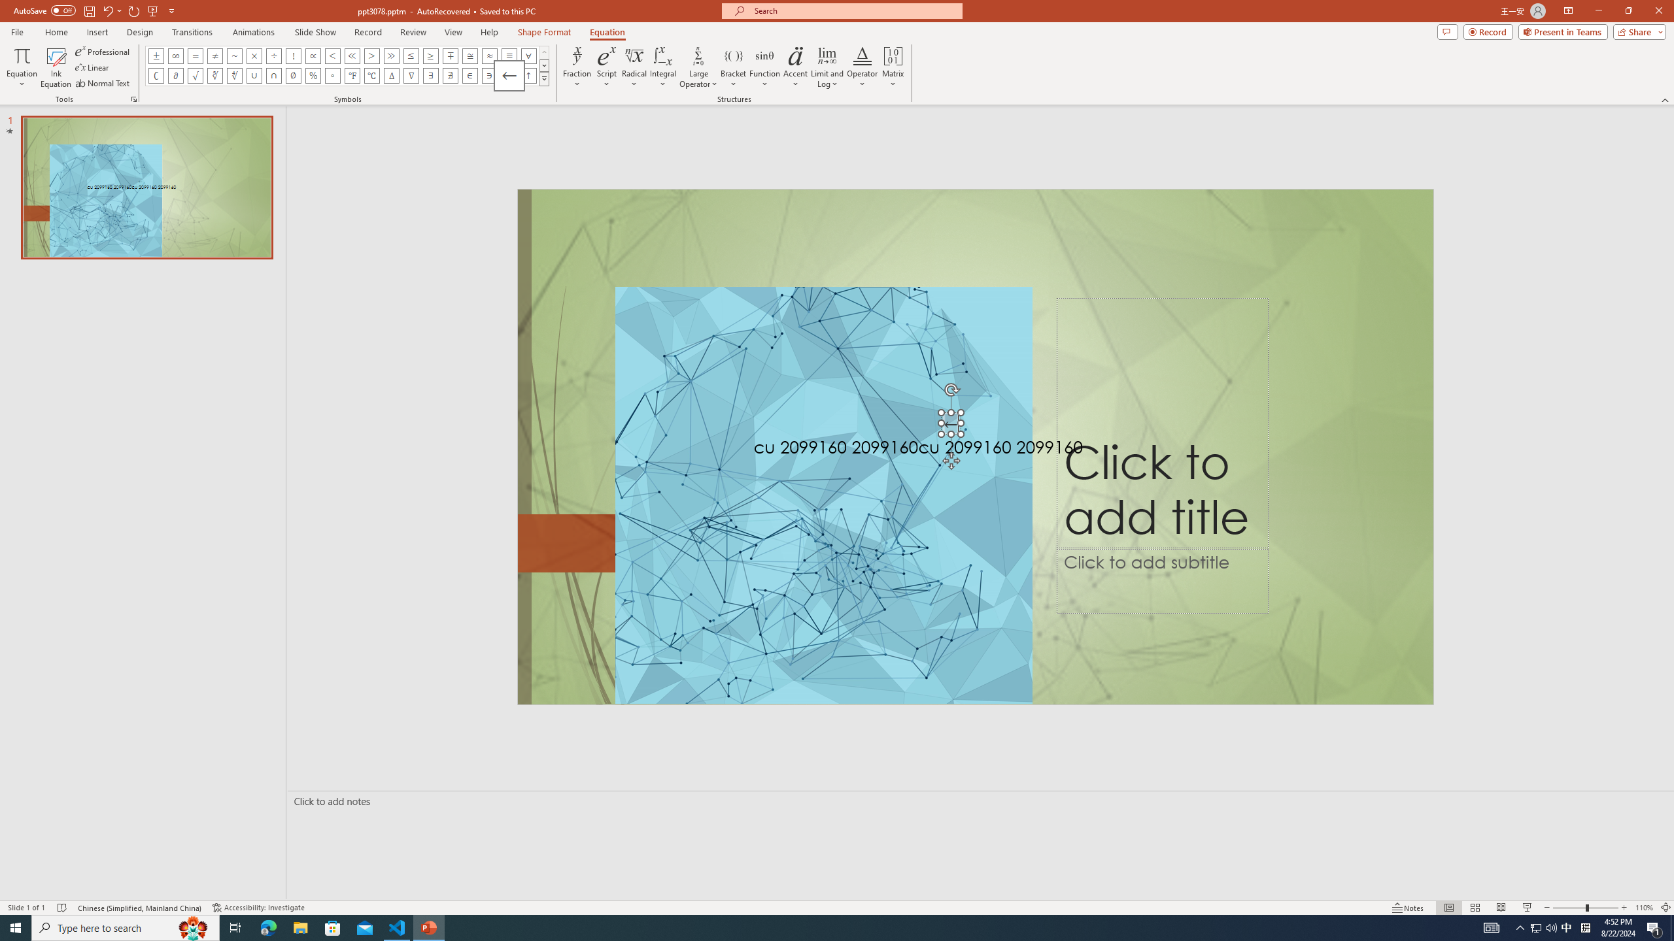  I want to click on 'Operator', so click(861, 67).